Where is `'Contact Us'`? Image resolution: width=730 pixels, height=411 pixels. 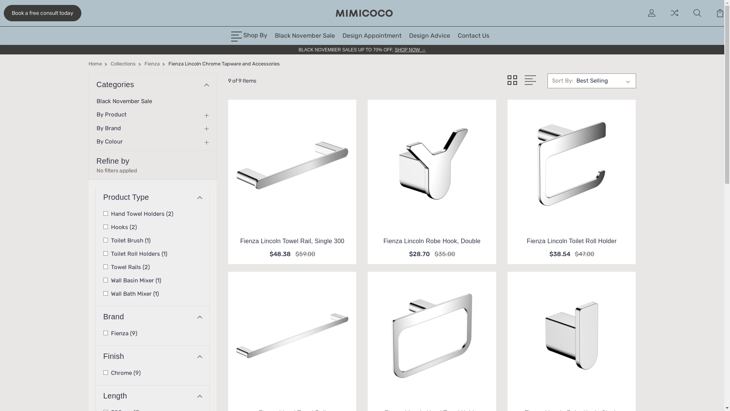 'Contact Us' is located at coordinates (473, 35).